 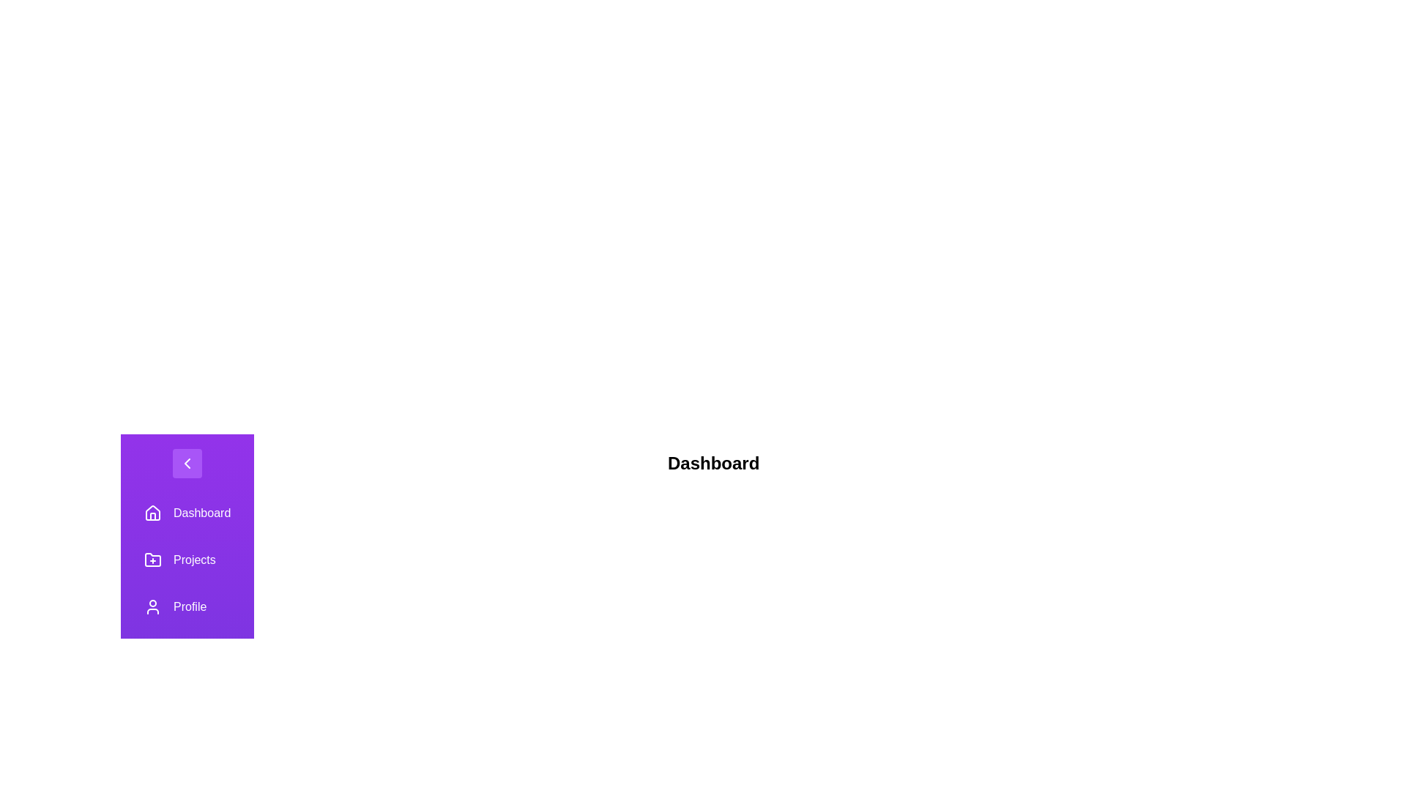 I want to click on the leftward-pointing chevron icon within the purple rounded rectangular button located near the top-left corner of the vertical navigation menu, so click(x=187, y=463).